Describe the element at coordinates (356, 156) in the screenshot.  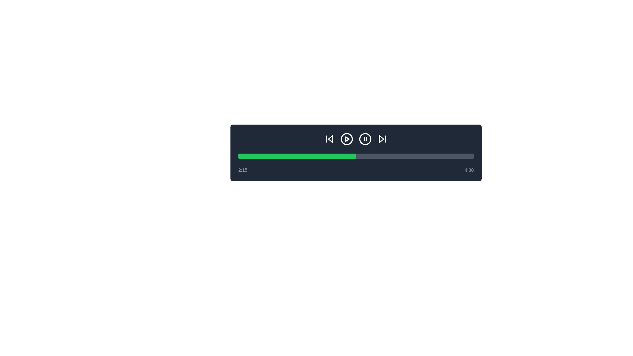
I see `the horizontal progress bar located at the bottom of the music player interface, which is gray with a green segment indicating progress` at that location.